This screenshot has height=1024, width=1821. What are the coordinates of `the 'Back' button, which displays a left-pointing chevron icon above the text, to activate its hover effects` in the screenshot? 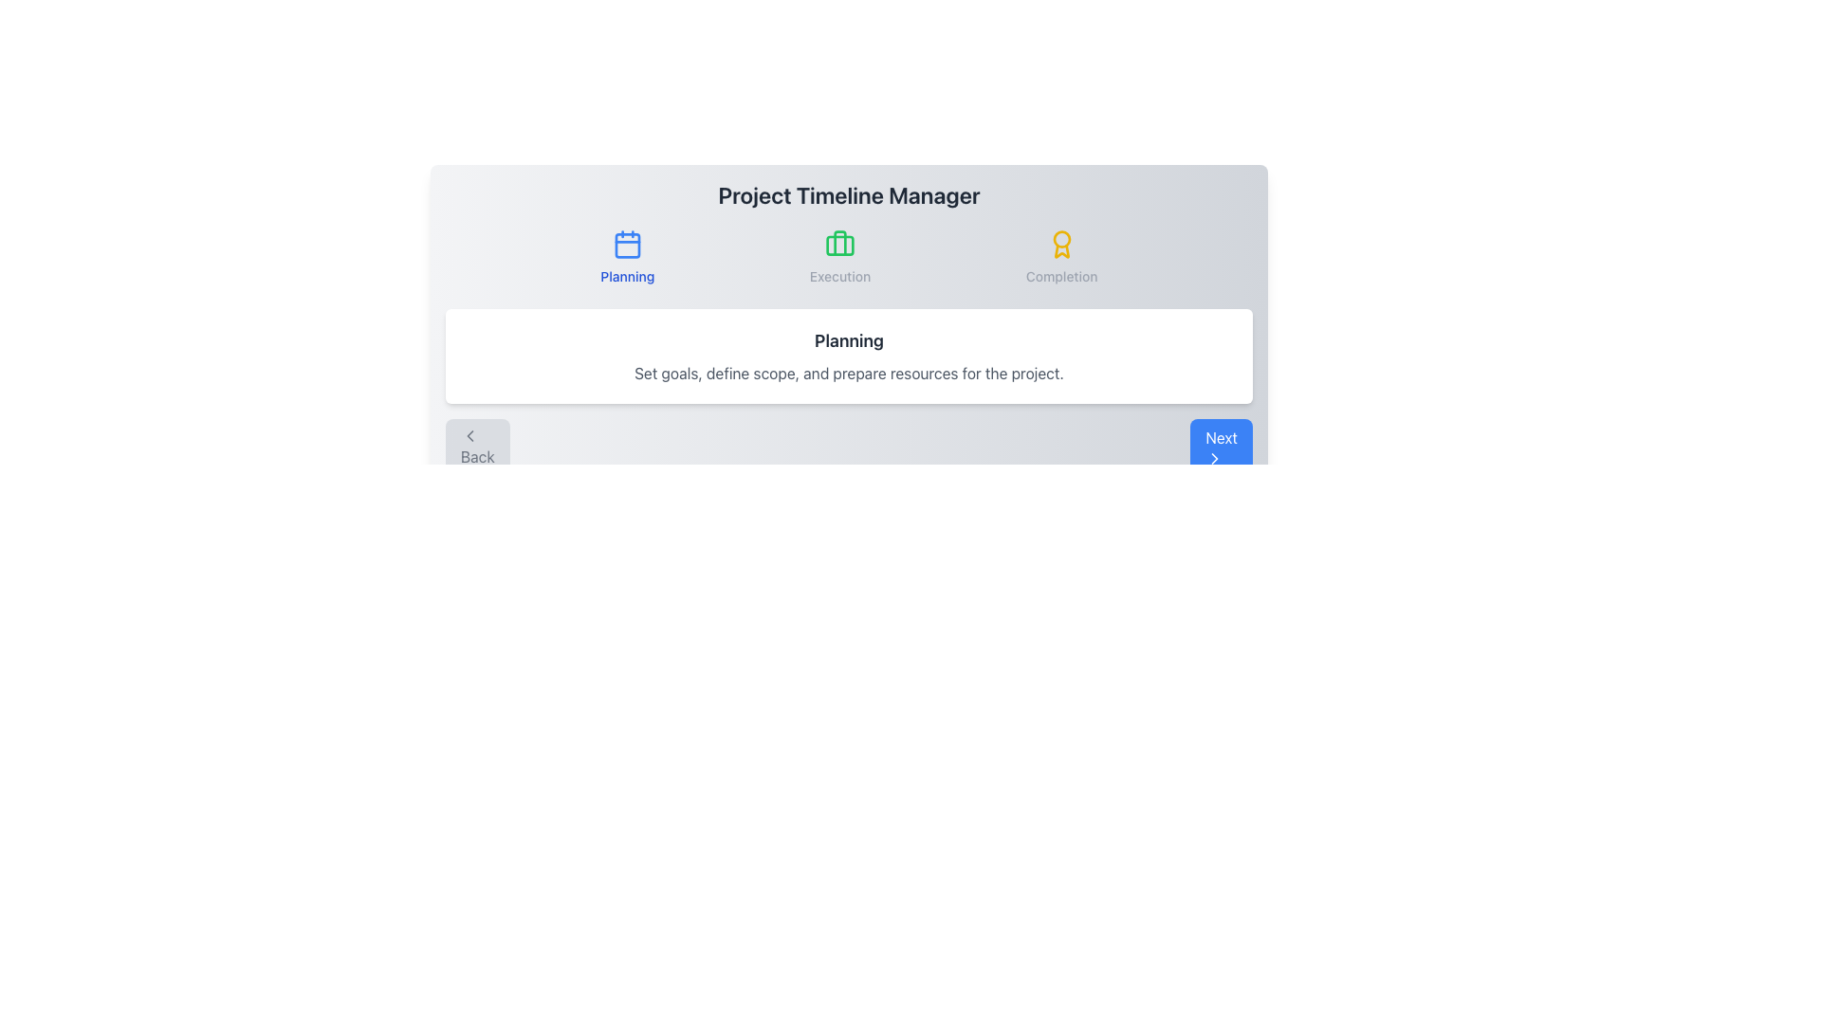 It's located at (477, 447).